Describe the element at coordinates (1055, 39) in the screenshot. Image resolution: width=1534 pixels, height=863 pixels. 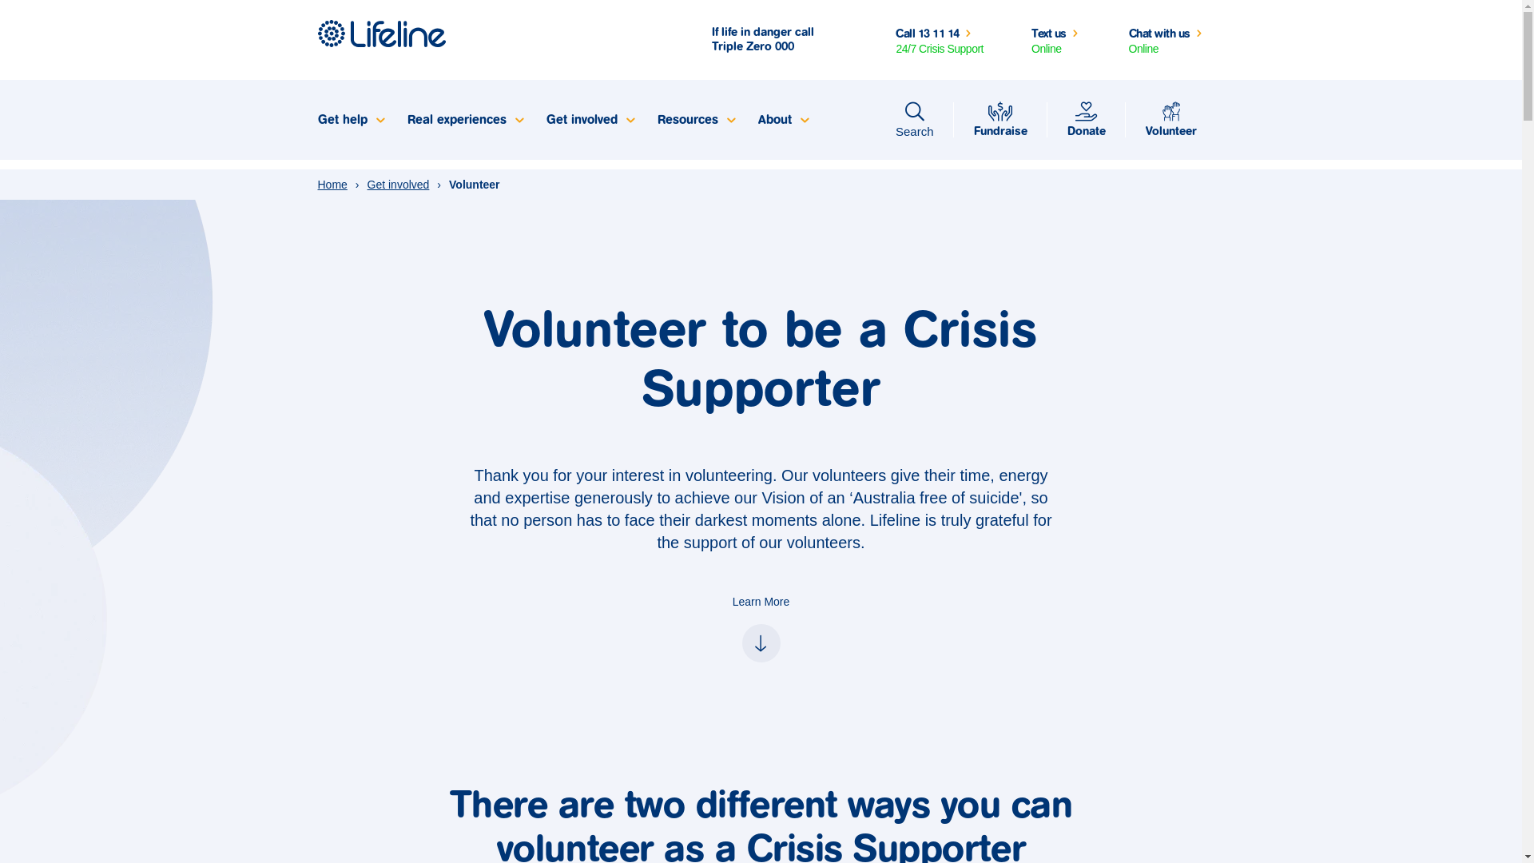
I see `'Text us` at that location.